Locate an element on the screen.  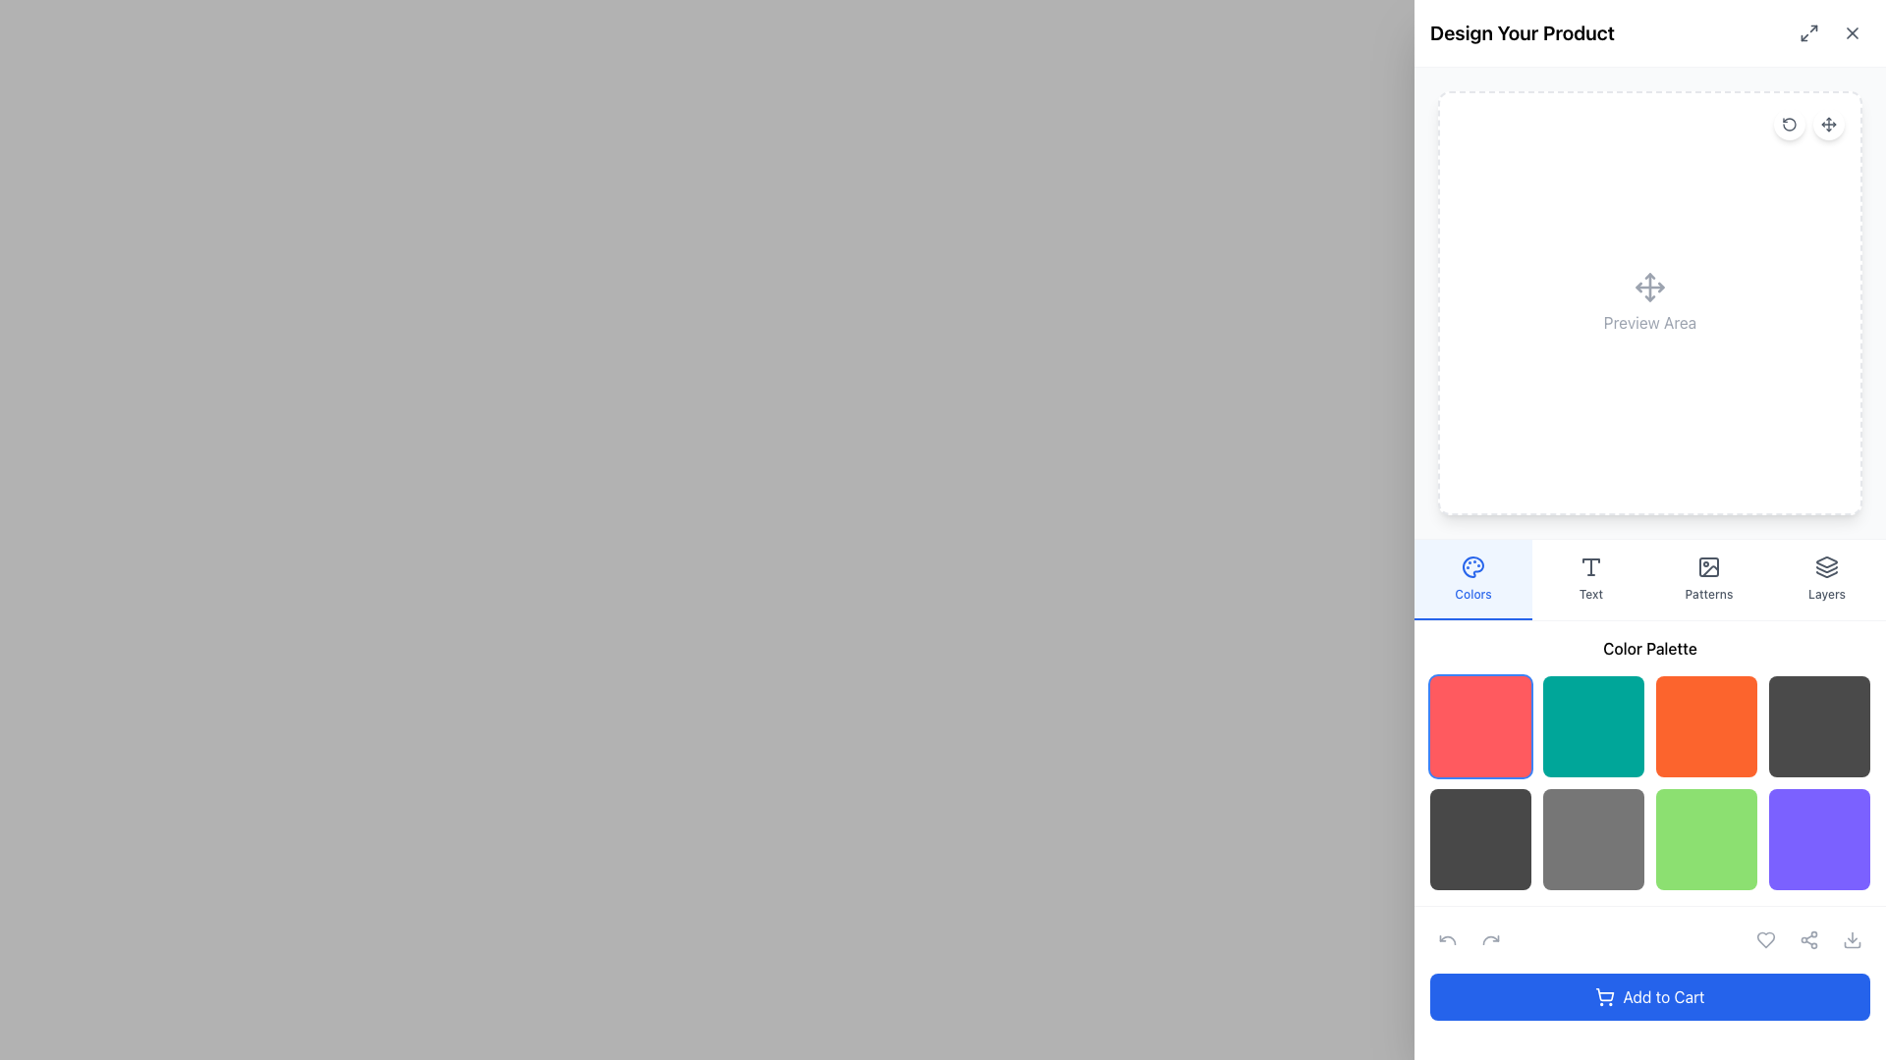
the text tool icon located in the right-side control panel, which is the second icon in the horizontal list between the 'Colors' and 'Patterns' icons is located at coordinates (1591, 567).